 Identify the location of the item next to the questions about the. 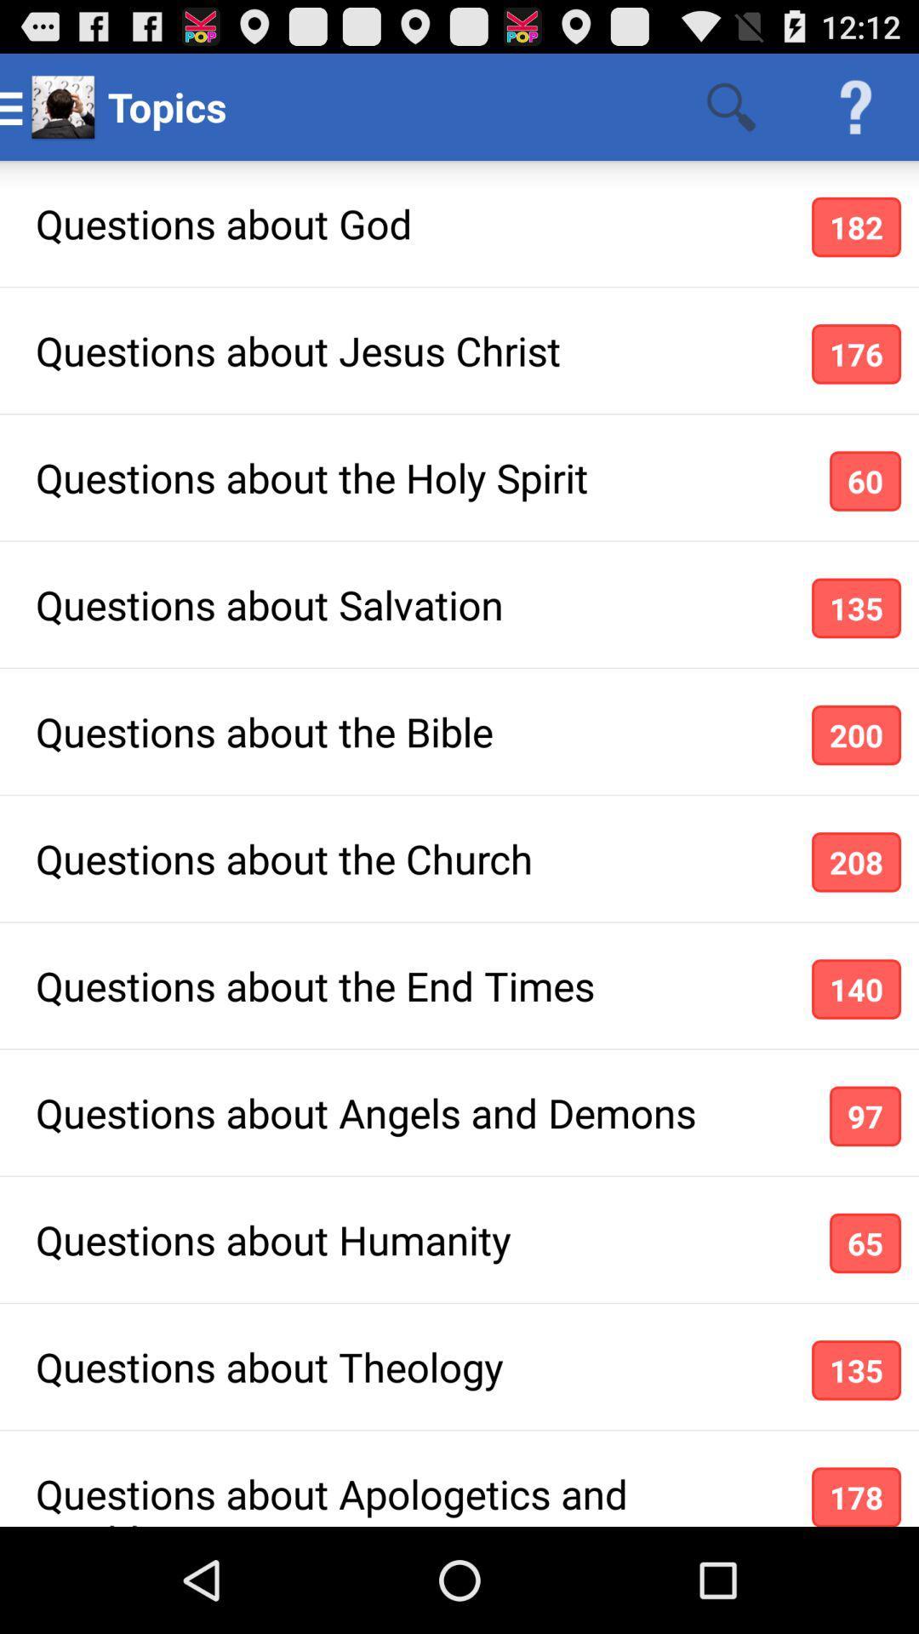
(856, 989).